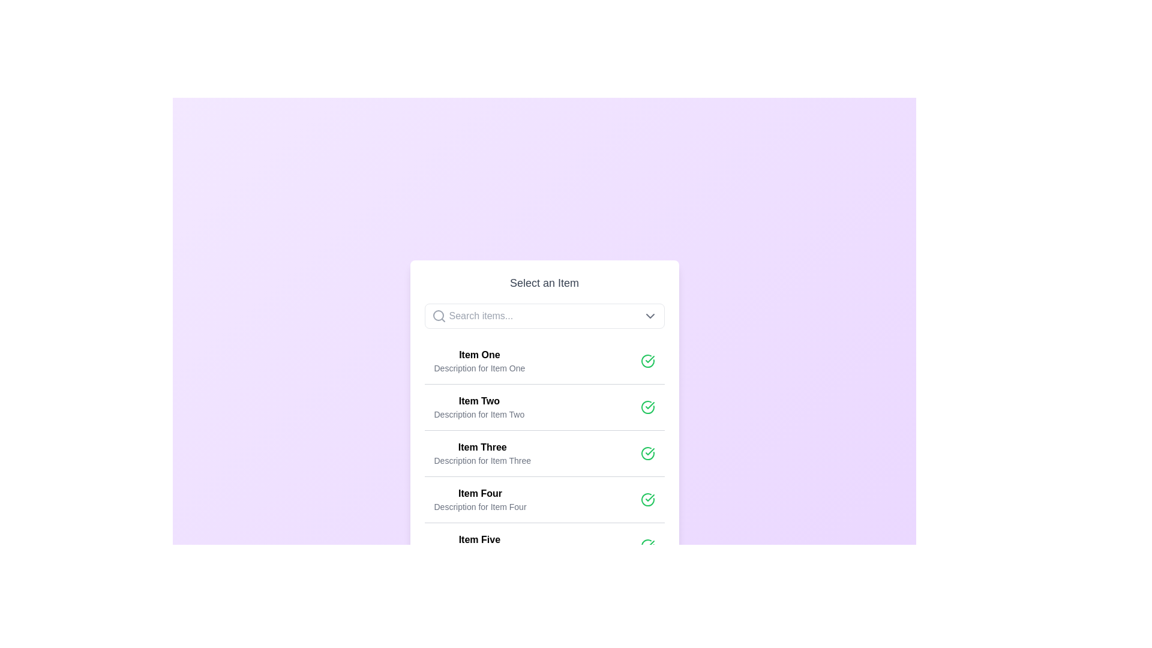  What do you see at coordinates (478, 413) in the screenshot?
I see `the text label that reads 'Description for Item Two', which is styled in a small font size and gray color, positioned directly below the bold header 'Item Two' in a vertically aligned list` at bounding box center [478, 413].